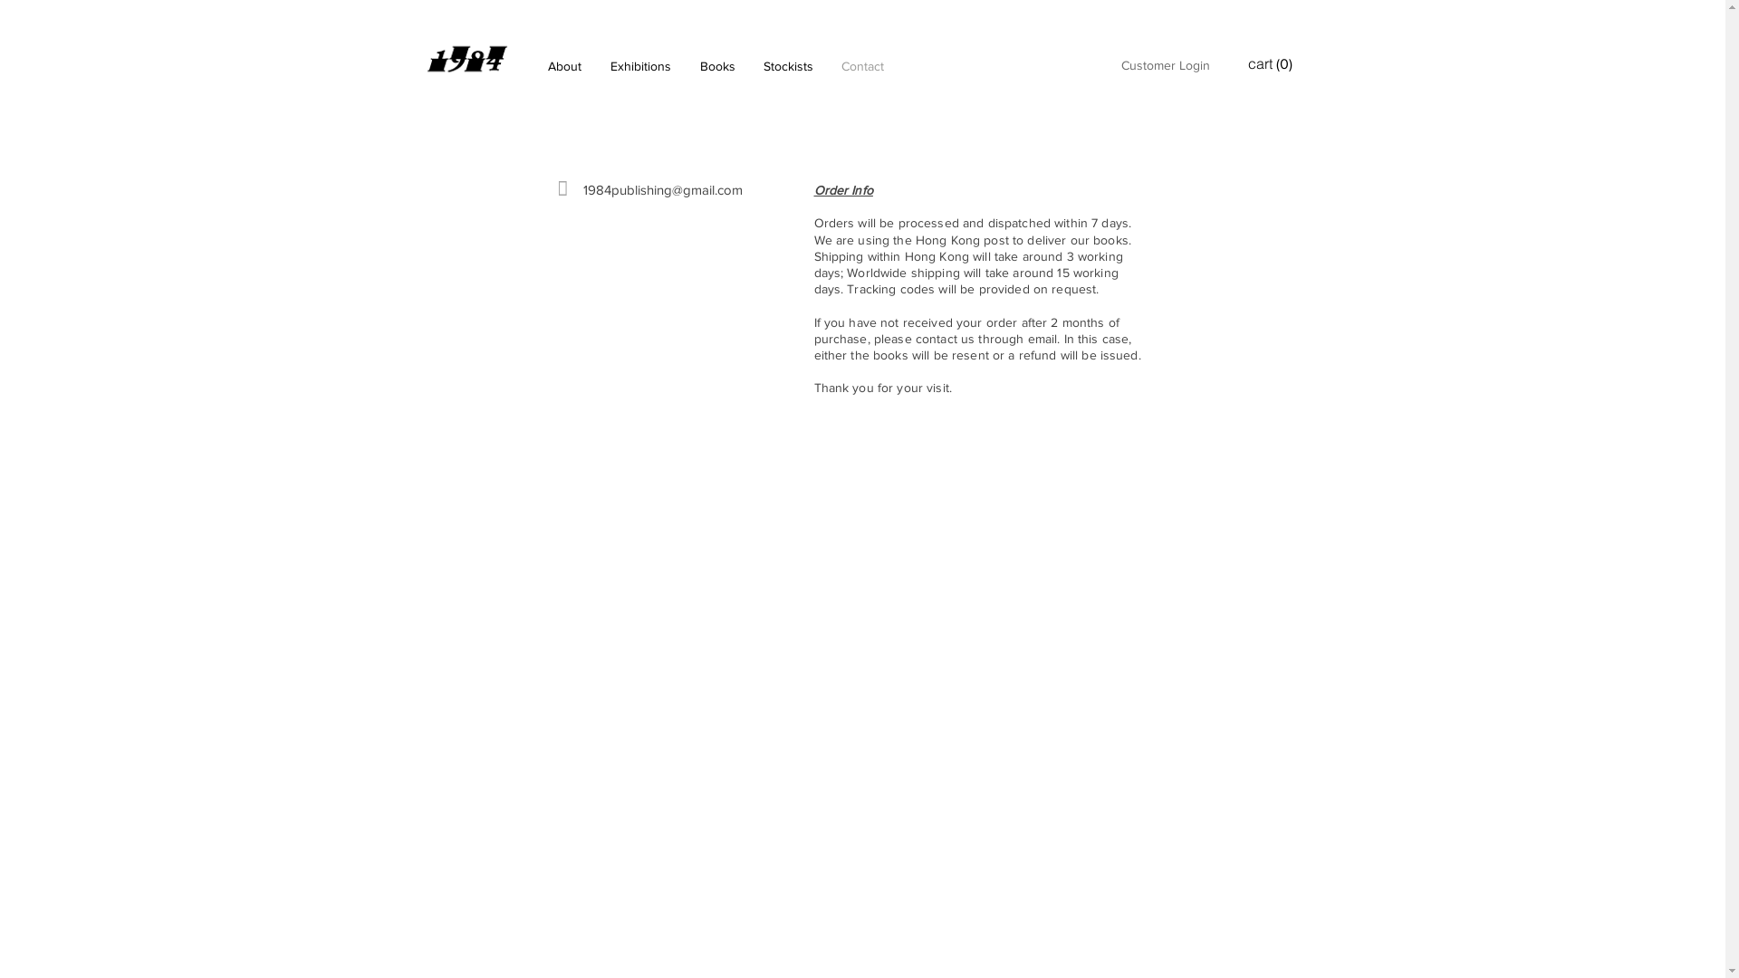 Image resolution: width=1739 pixels, height=978 pixels. I want to click on 'About', so click(562, 65).